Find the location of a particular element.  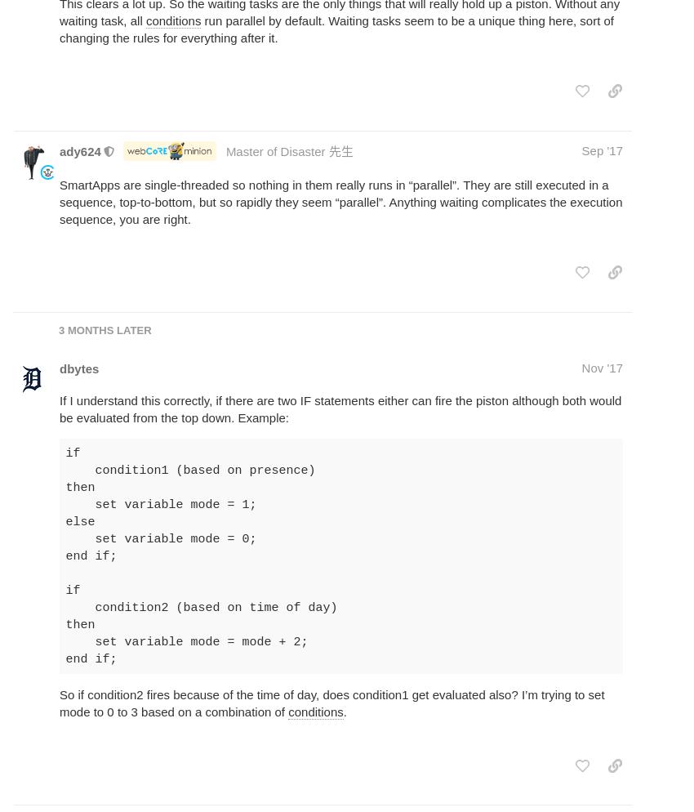

'mode = mode + 2;
end if;' is located at coordinates (186, 649).